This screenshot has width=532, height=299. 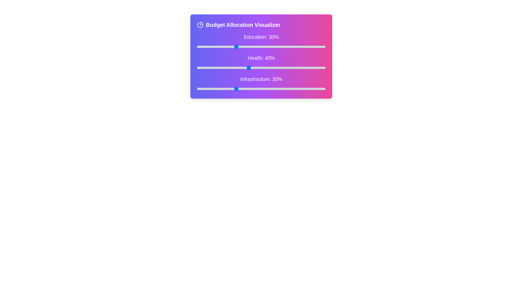 What do you see at coordinates (261, 79) in the screenshot?
I see `the text label displaying the allocation percentage for 'Infrastructure' in the budget allocation visualization` at bounding box center [261, 79].